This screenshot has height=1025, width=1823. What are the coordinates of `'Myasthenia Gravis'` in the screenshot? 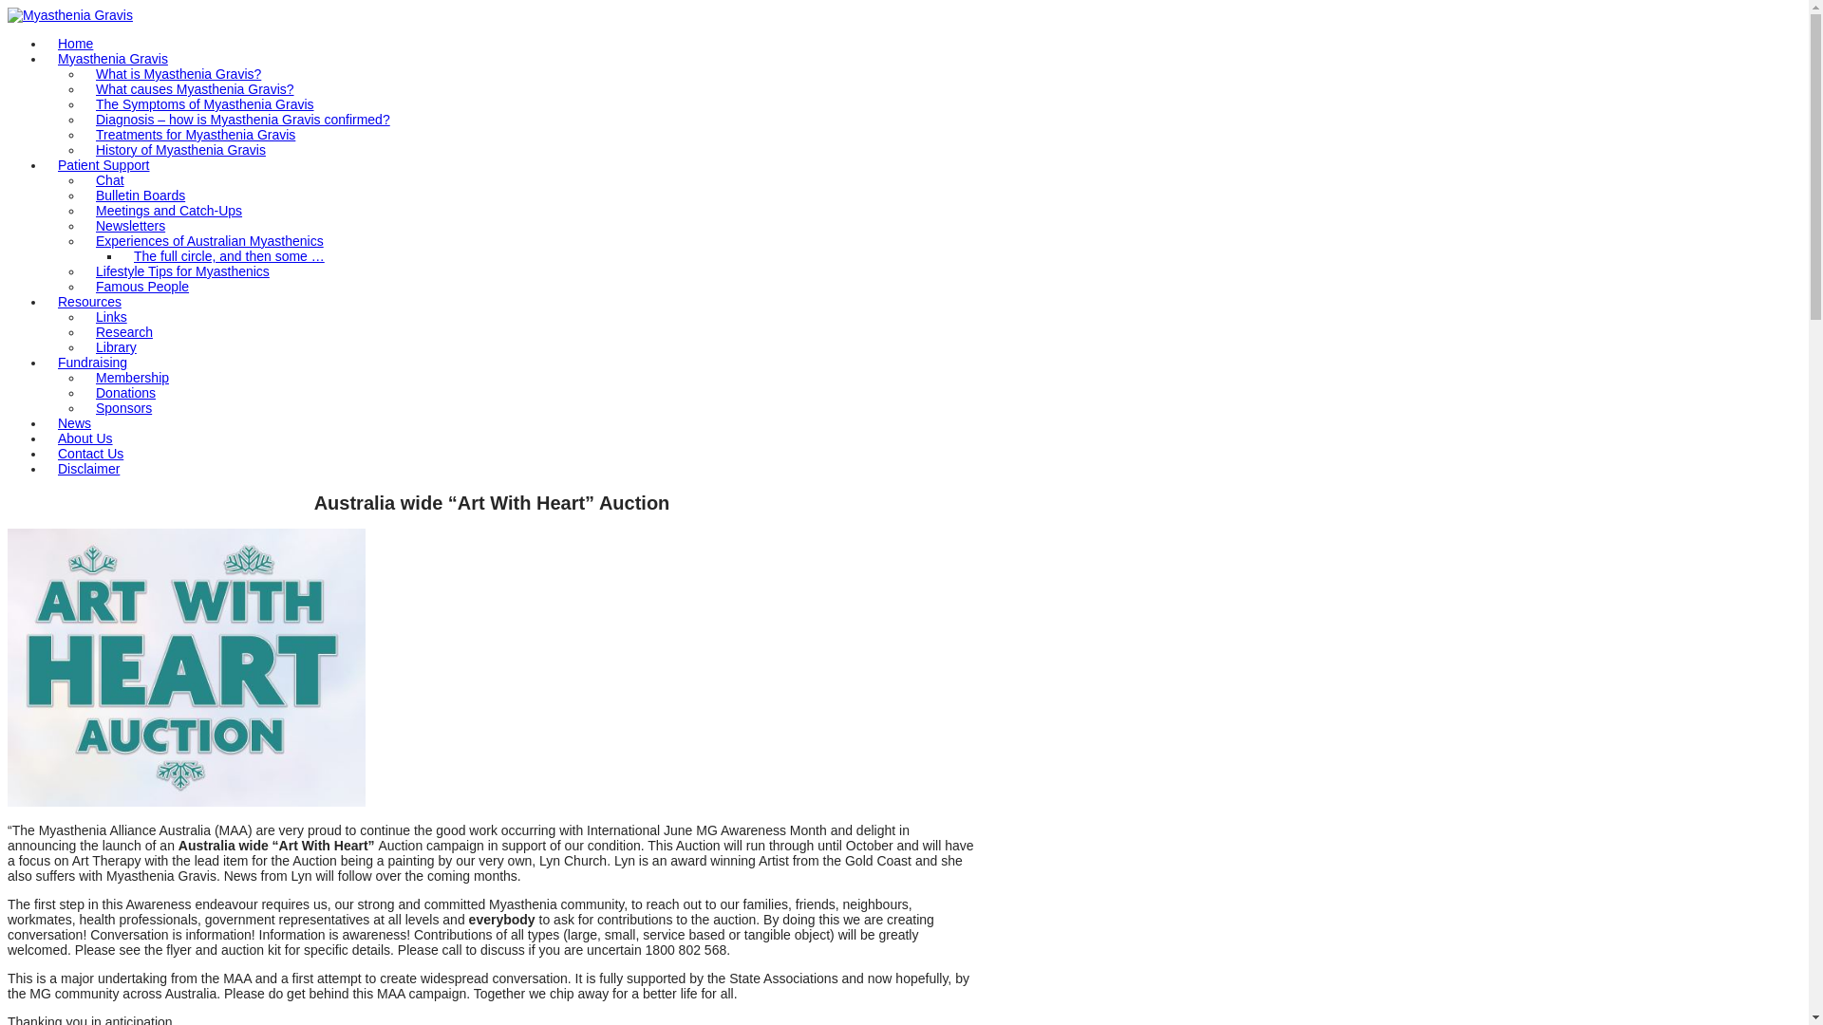 It's located at (69, 14).